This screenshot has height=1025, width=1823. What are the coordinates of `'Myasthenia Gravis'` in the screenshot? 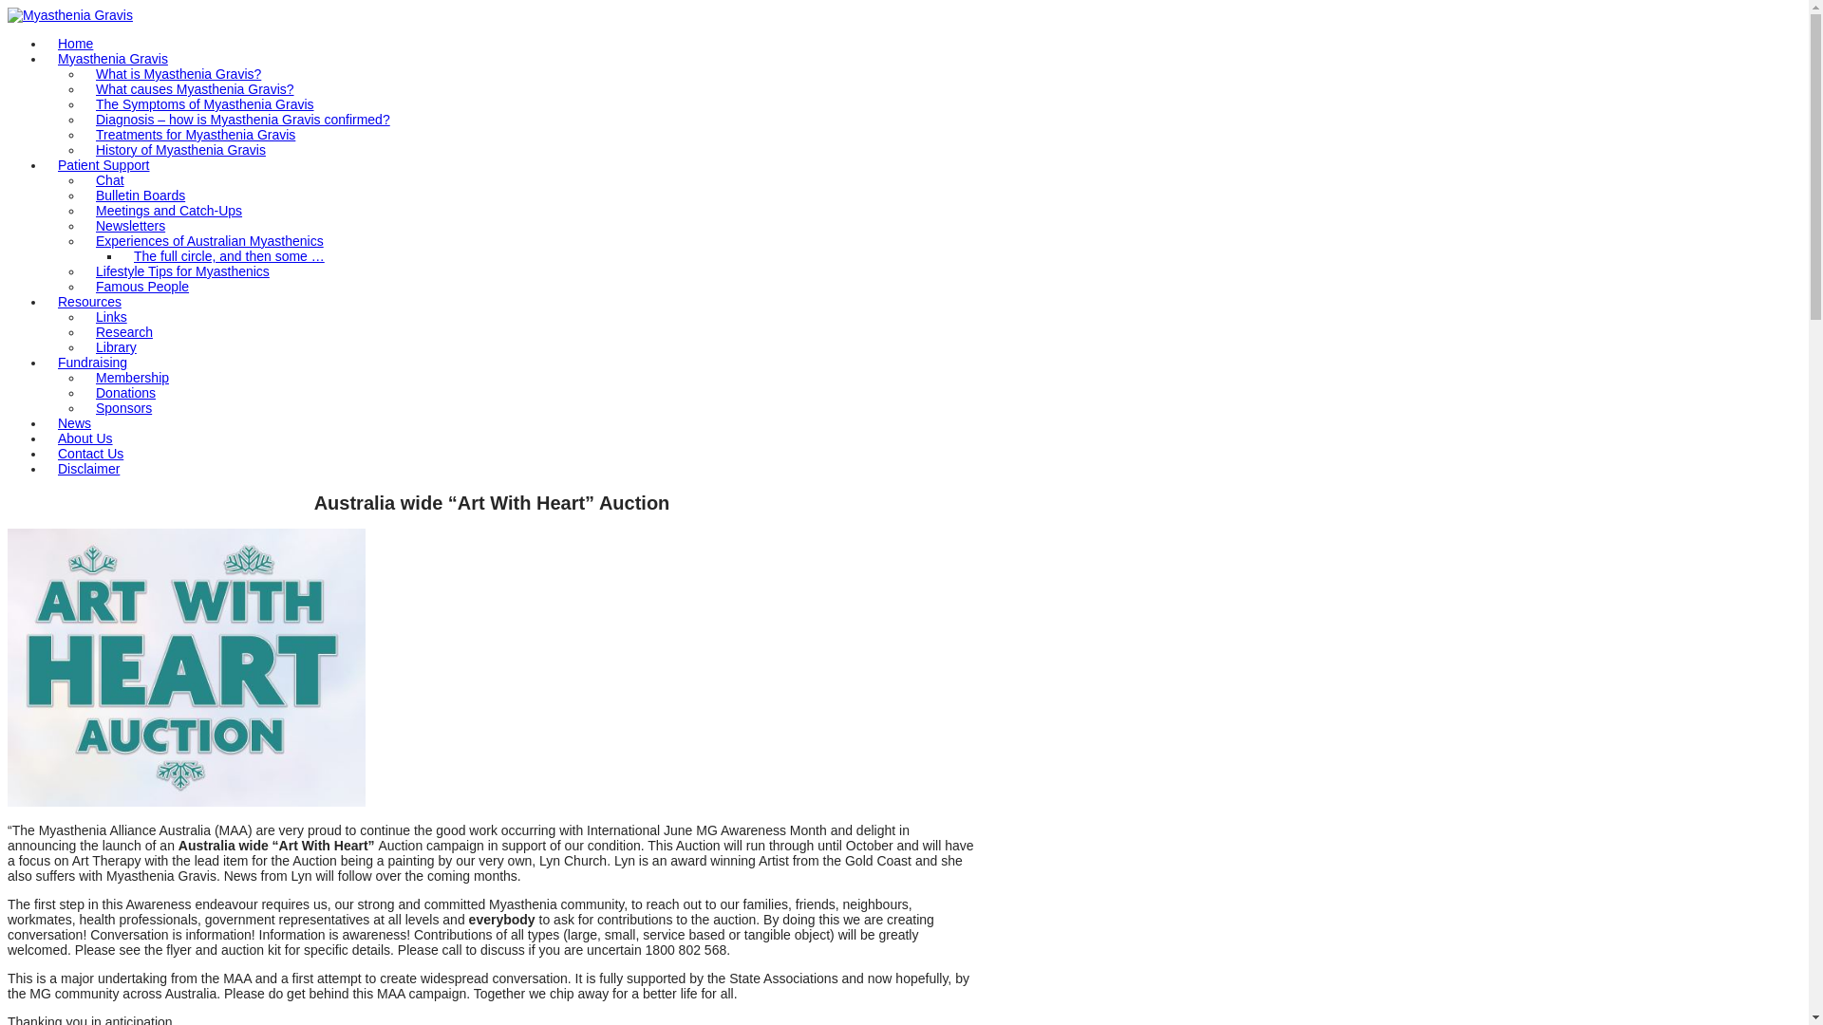 It's located at (69, 14).